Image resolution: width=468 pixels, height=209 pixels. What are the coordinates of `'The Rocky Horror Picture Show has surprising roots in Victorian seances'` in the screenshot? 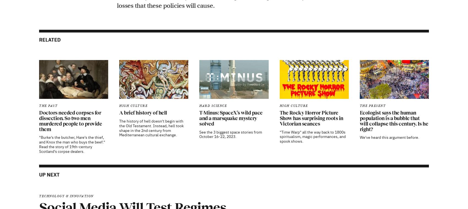 It's located at (311, 47).